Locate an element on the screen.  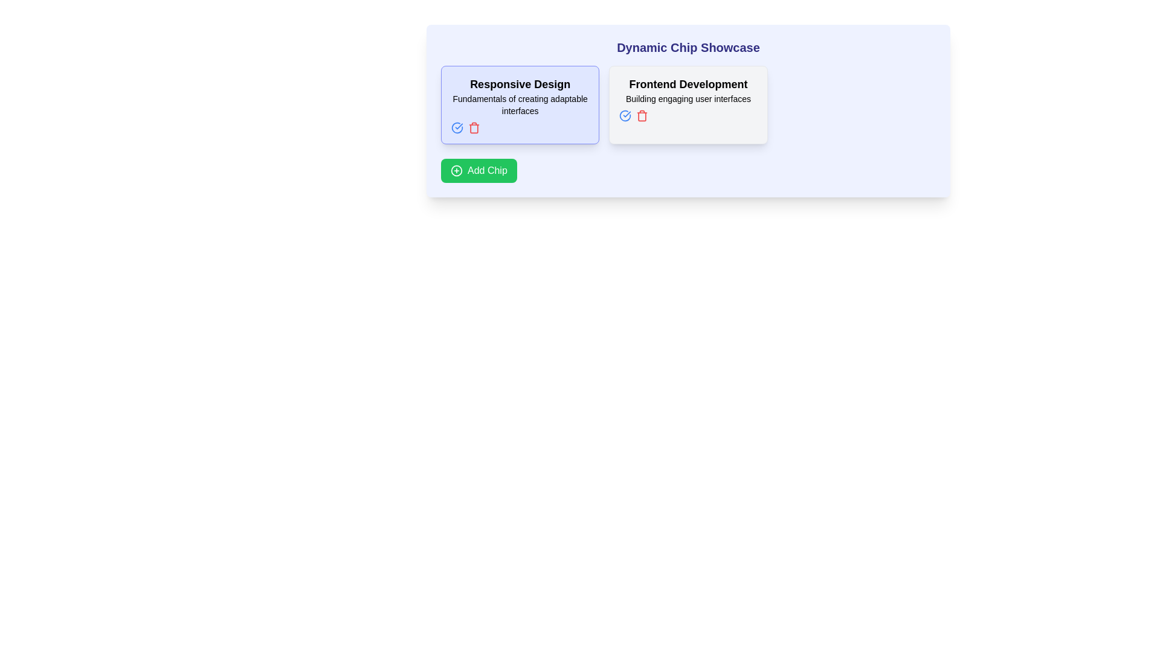
the icon button located at the top-left area of the 'Responsive Design' card is located at coordinates (457, 128).